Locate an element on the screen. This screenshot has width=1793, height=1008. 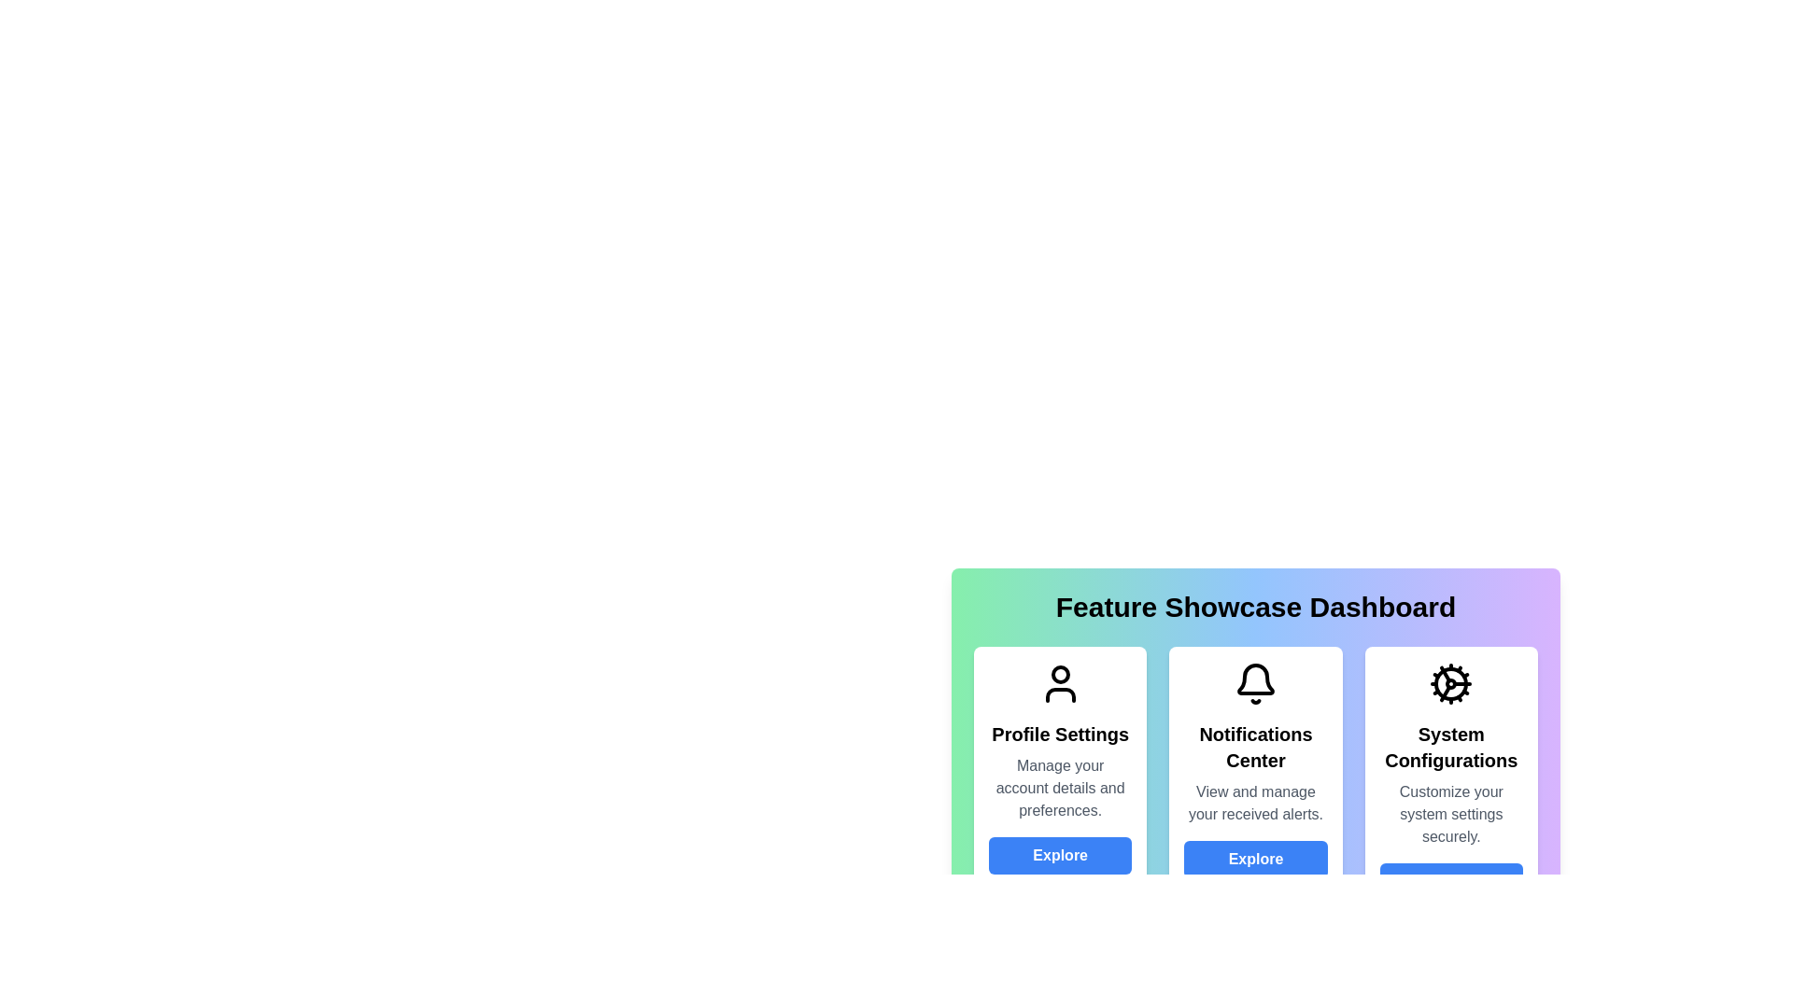
the text label saying 'View and manage your received alerts.' located in the 'Notifications Center' section, beneath the header 'Notifications Center.' is located at coordinates (1255, 802).